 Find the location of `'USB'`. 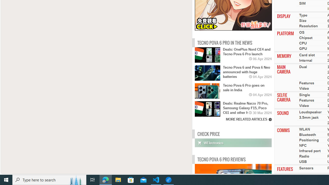

'USB' is located at coordinates (303, 161).